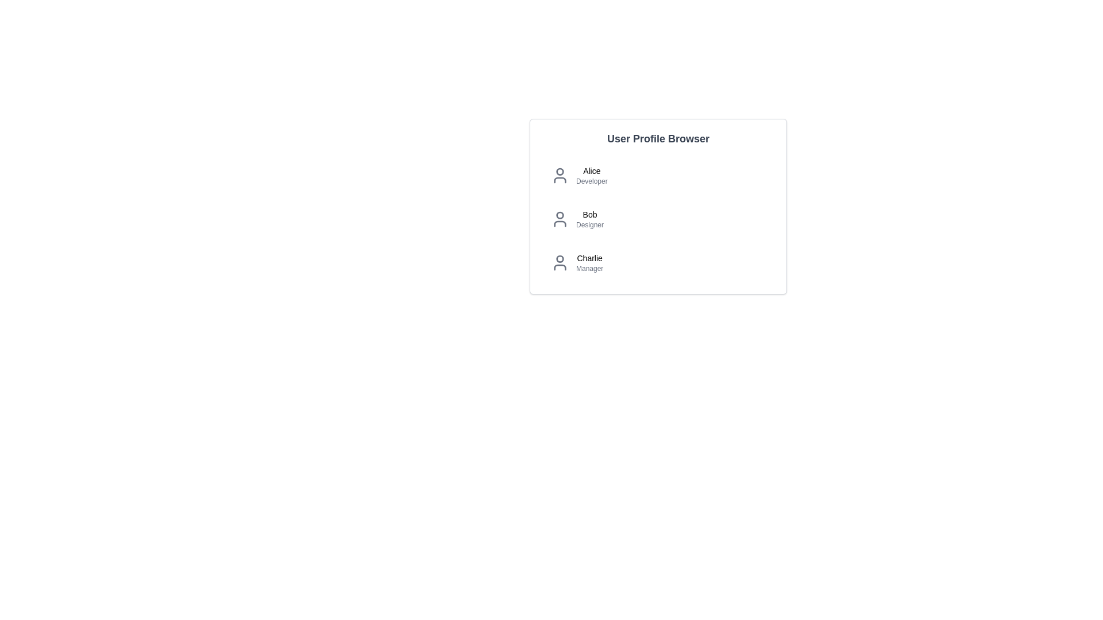  Describe the element at coordinates (589, 258) in the screenshot. I see `the text label that displays the user profile name, located at the bottom of the user profile list above the 'Manager' role text` at that location.